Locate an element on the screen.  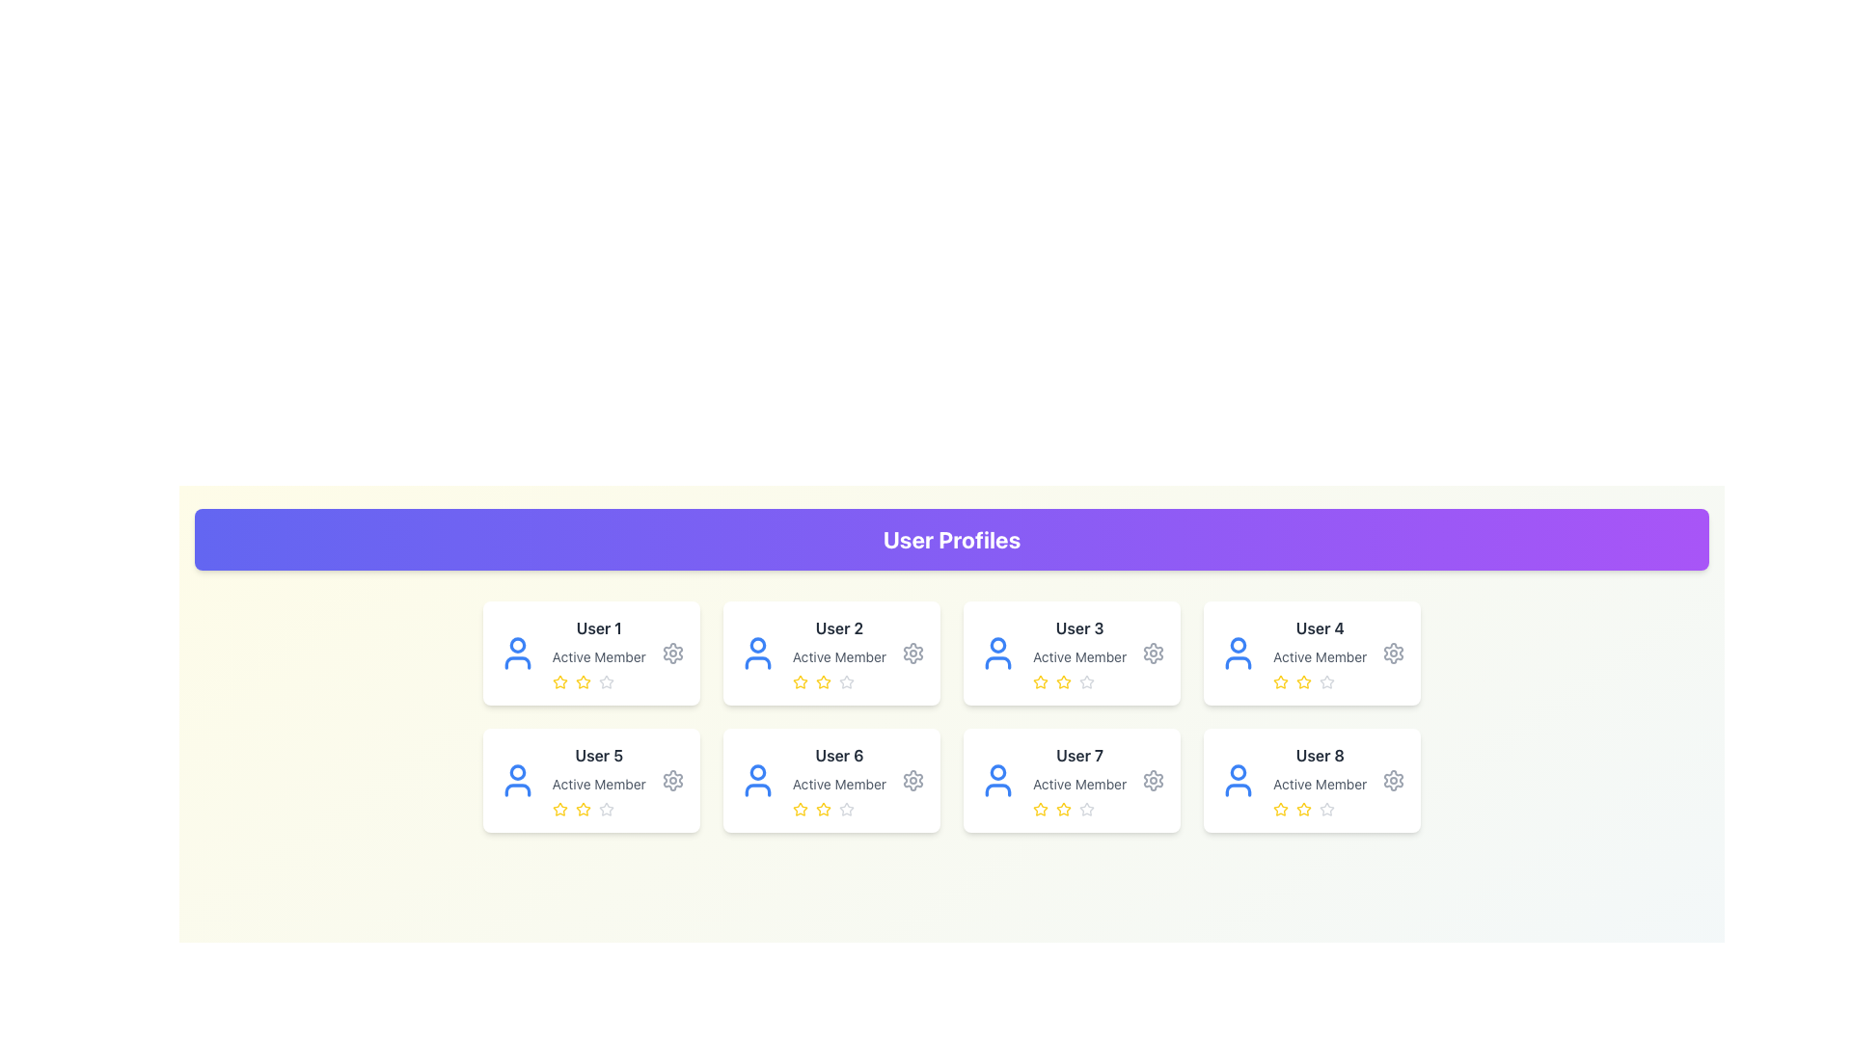
the yellow star icon located beneath the 'Active Member' label in the User 1 profile card to rate it is located at coordinates (558, 681).